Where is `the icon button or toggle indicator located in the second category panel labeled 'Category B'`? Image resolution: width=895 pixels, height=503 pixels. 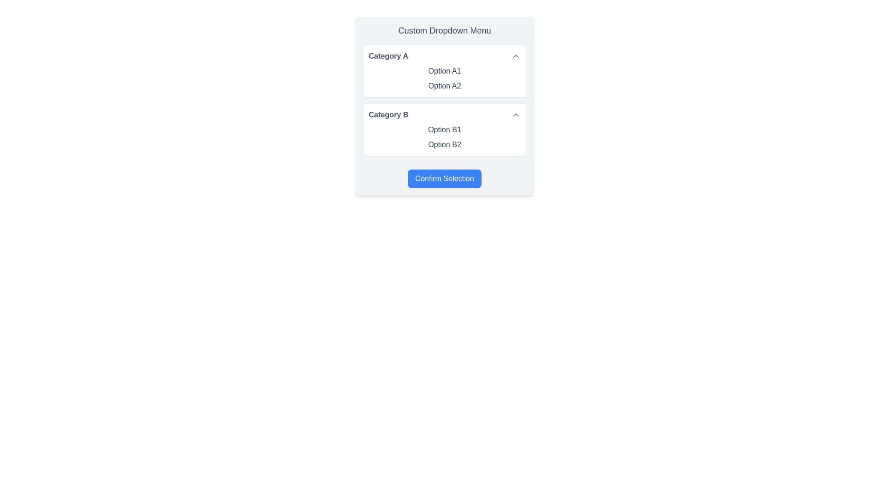
the icon button or toggle indicator located in the second category panel labeled 'Category B' is located at coordinates (516, 114).